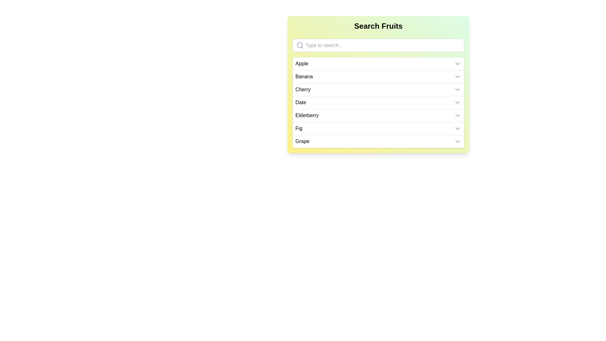 The image size is (606, 341). I want to click on the selectable list item labeled 'Banana', so click(378, 76).